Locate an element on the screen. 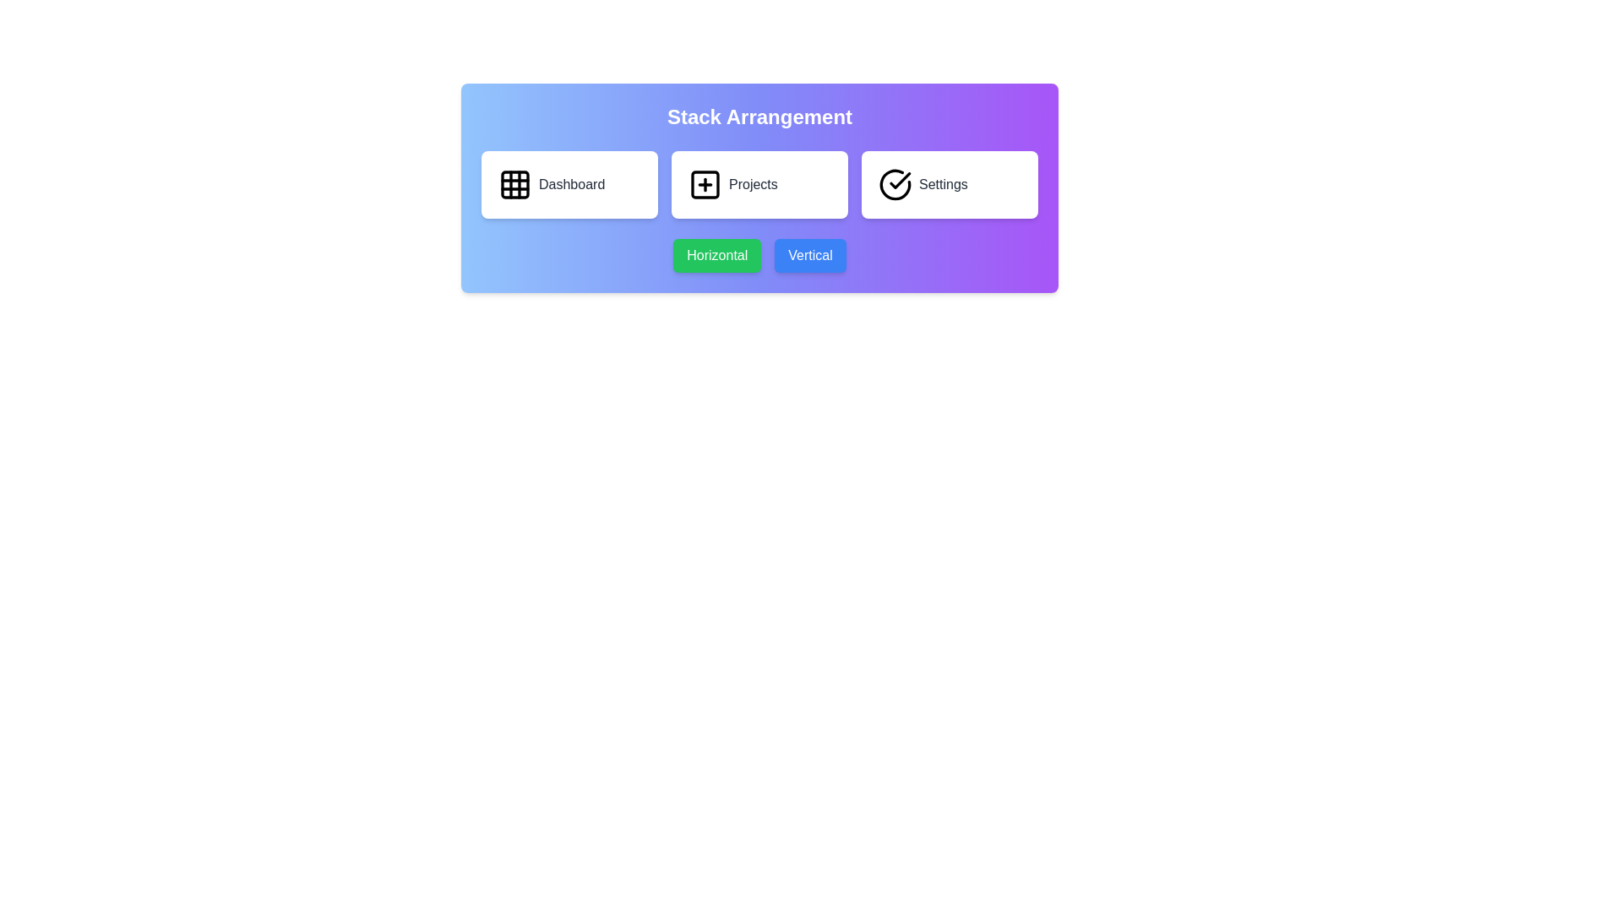 This screenshot has width=1622, height=912. the grid icon in the 'Dashboard' section is located at coordinates (514, 185).